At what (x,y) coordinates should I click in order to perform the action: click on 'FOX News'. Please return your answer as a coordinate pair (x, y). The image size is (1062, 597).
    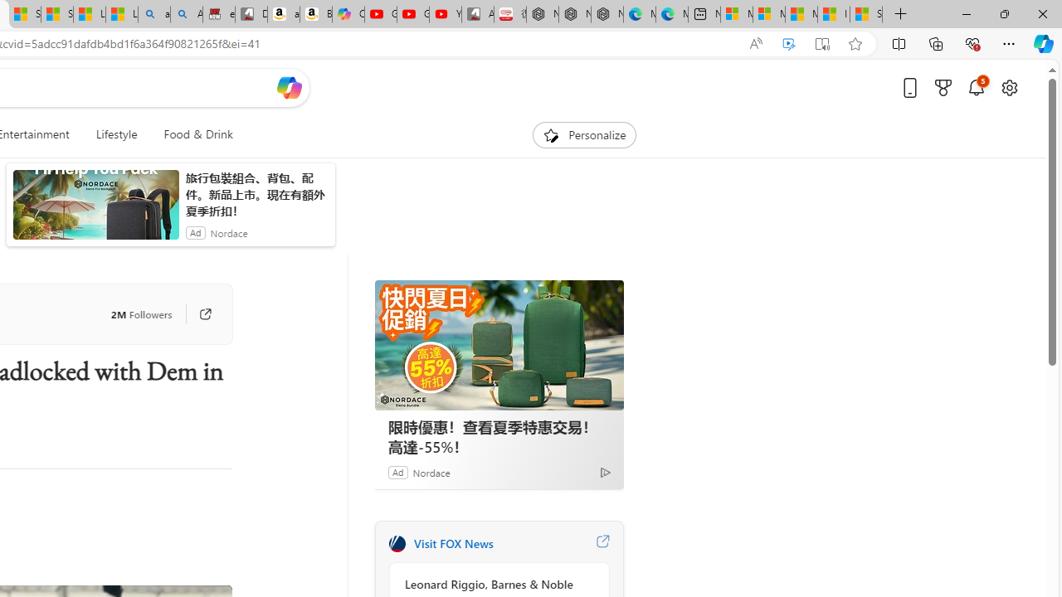
    Looking at the image, I should click on (396, 543).